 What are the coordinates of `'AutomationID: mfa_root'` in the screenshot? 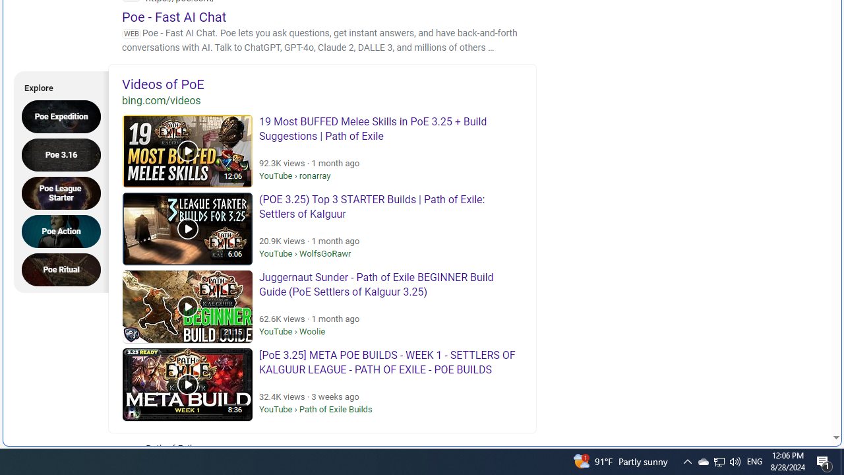 It's located at (786, 397).